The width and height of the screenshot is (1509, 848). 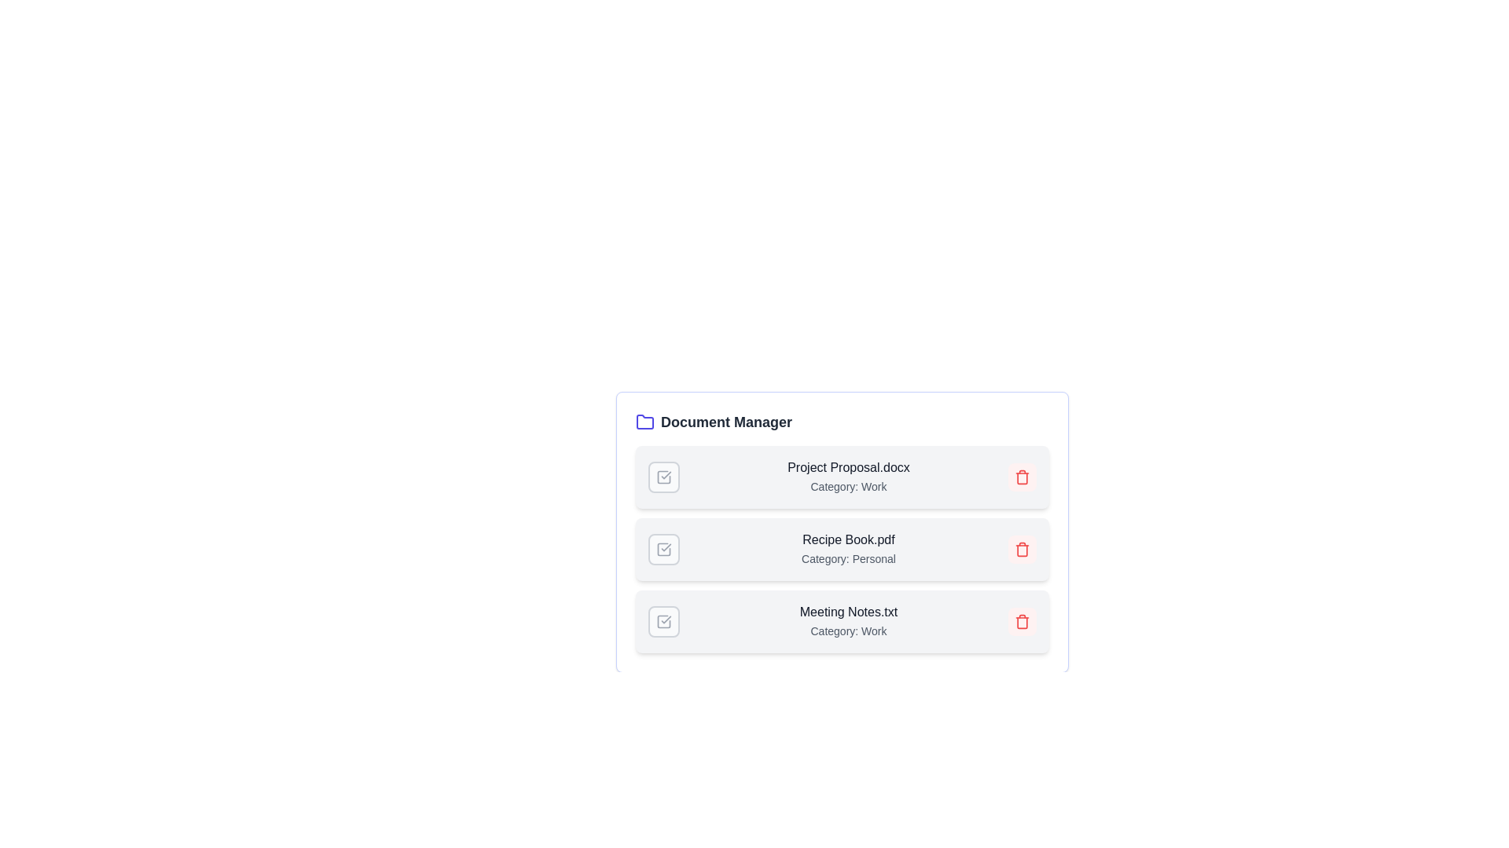 What do you see at coordinates (848, 539) in the screenshot?
I see `the textual label displaying 'Recipe Book.pdf' in the 'Document Manager' component, which is centered in the second row and above the 'Category: Personal' text` at bounding box center [848, 539].